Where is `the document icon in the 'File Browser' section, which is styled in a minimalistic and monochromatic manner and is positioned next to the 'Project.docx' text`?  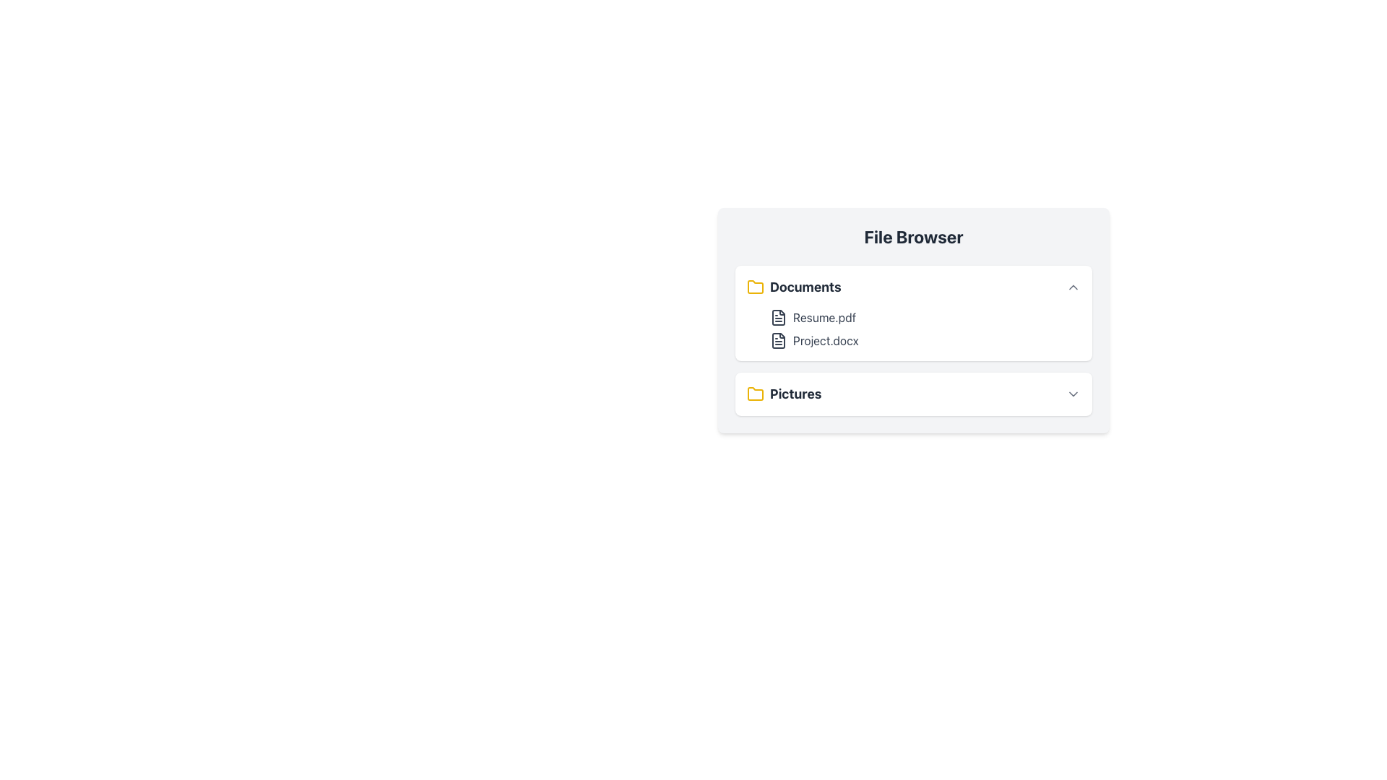 the document icon in the 'File Browser' section, which is styled in a minimalistic and monochromatic manner and is positioned next to the 'Project.docx' text is located at coordinates (778, 316).